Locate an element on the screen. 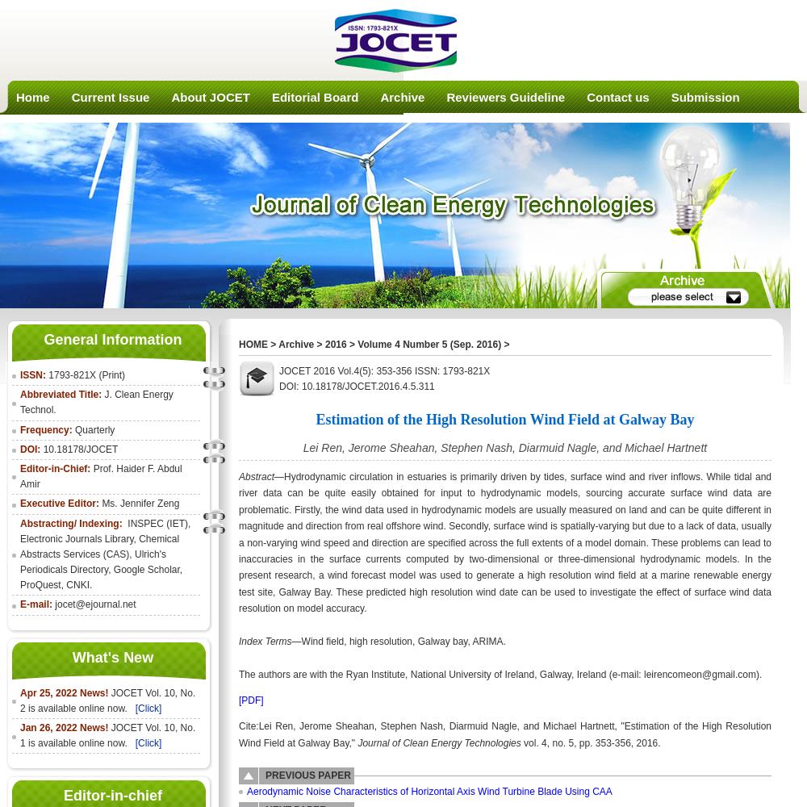  '—Wind field, high resolution, Galway bay, ARIMA.' is located at coordinates (291, 641).